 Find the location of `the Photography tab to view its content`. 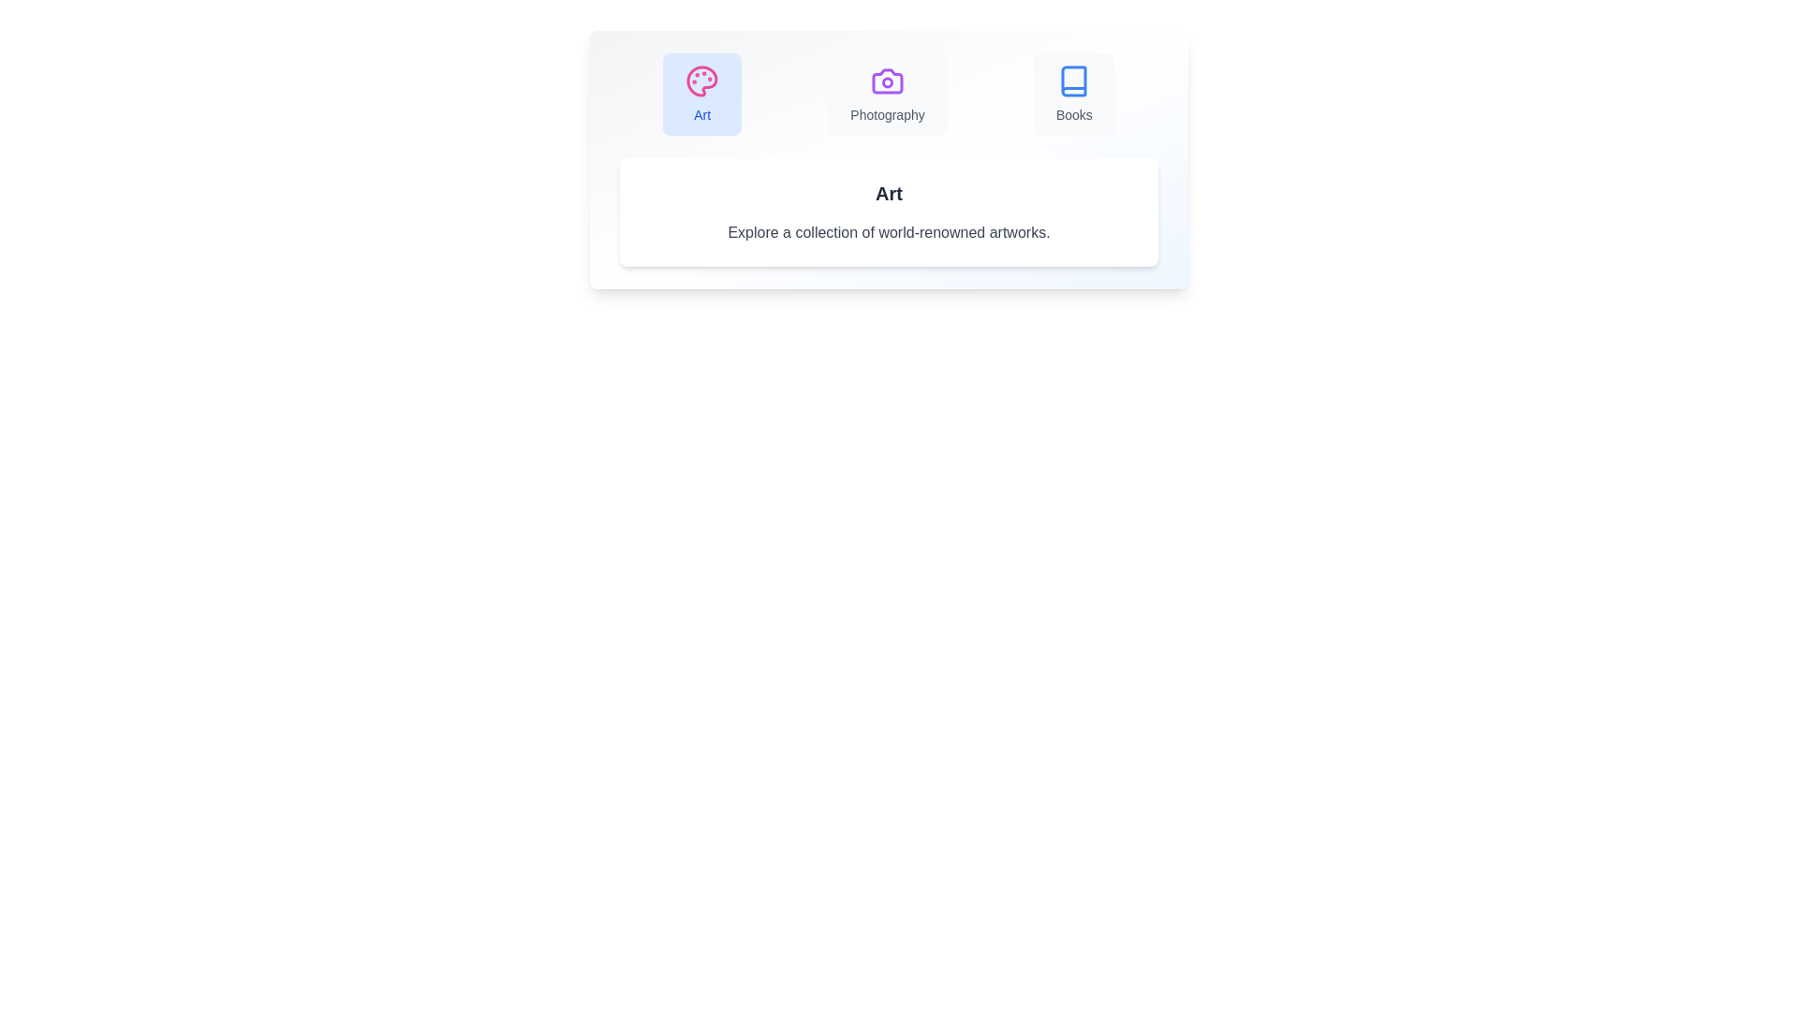

the Photography tab to view its content is located at coordinates (887, 94).